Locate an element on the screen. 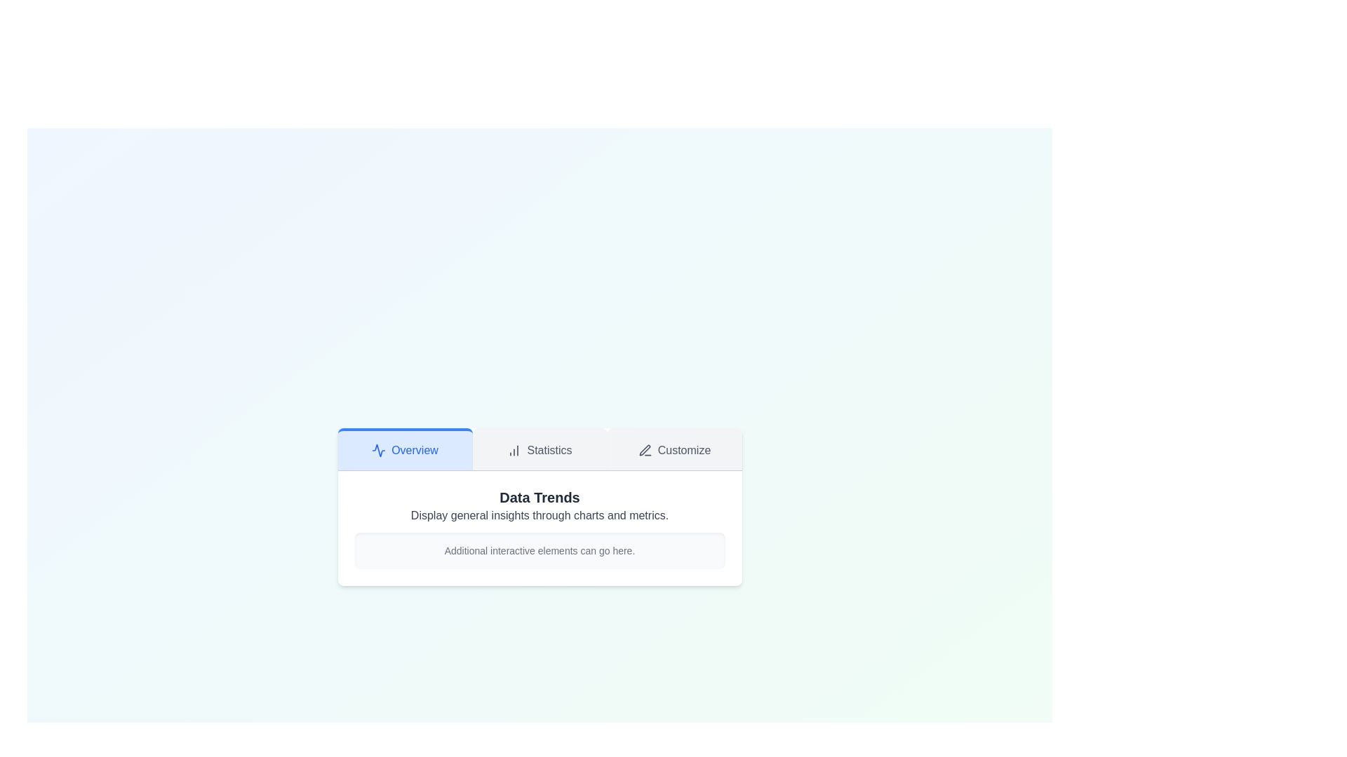 The image size is (1347, 757). the text content in the 'Data Trends' section is located at coordinates (539, 528).